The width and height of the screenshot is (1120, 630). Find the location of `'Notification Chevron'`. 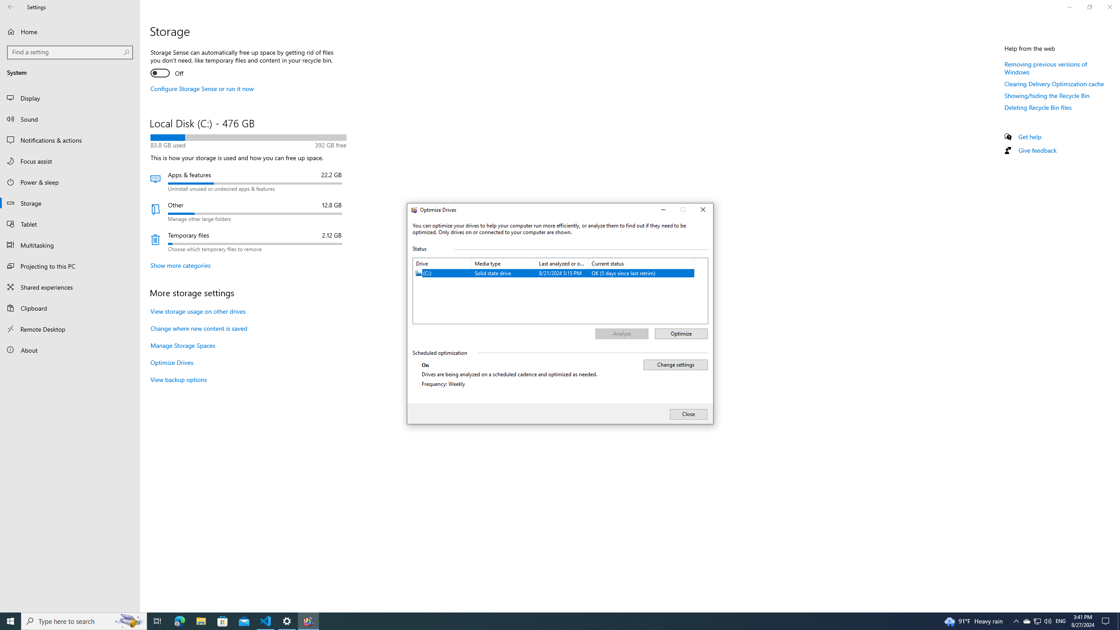

'Notification Chevron' is located at coordinates (1016, 620).